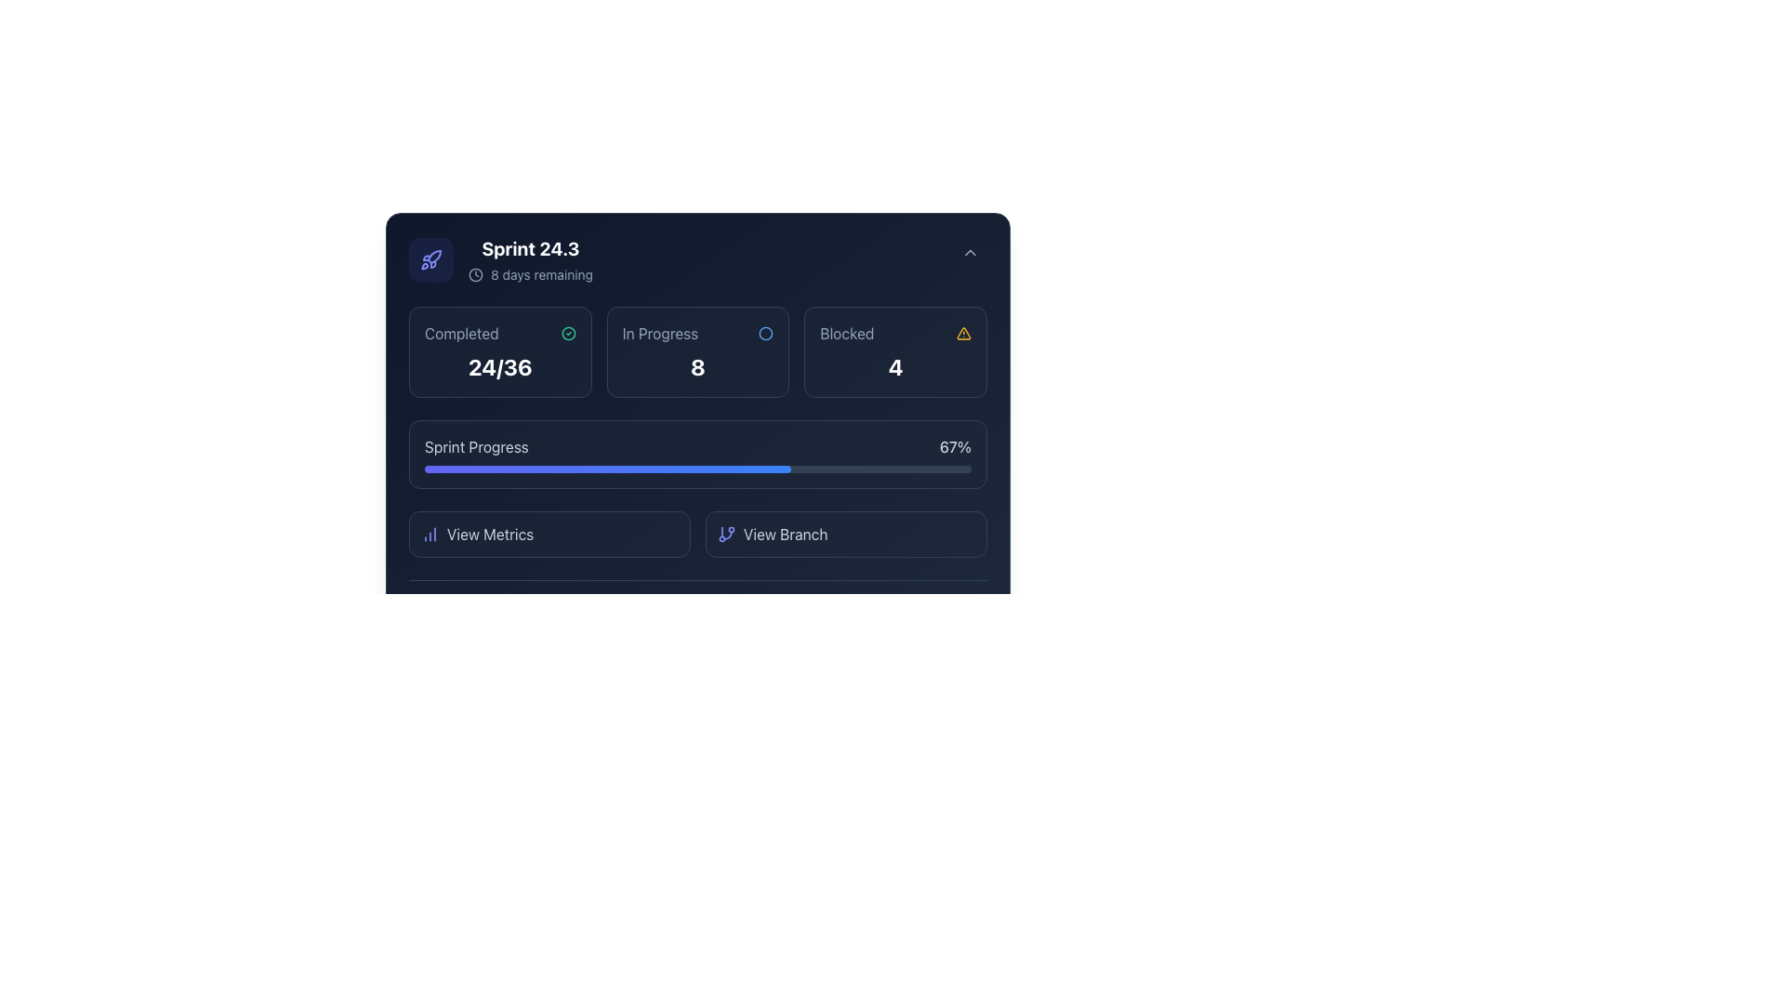 This screenshot has height=1004, width=1785. What do you see at coordinates (696, 366) in the screenshot?
I see `numeric status count displayed in the 'In Progress' text label, which indicates the number of items currently in progress` at bounding box center [696, 366].